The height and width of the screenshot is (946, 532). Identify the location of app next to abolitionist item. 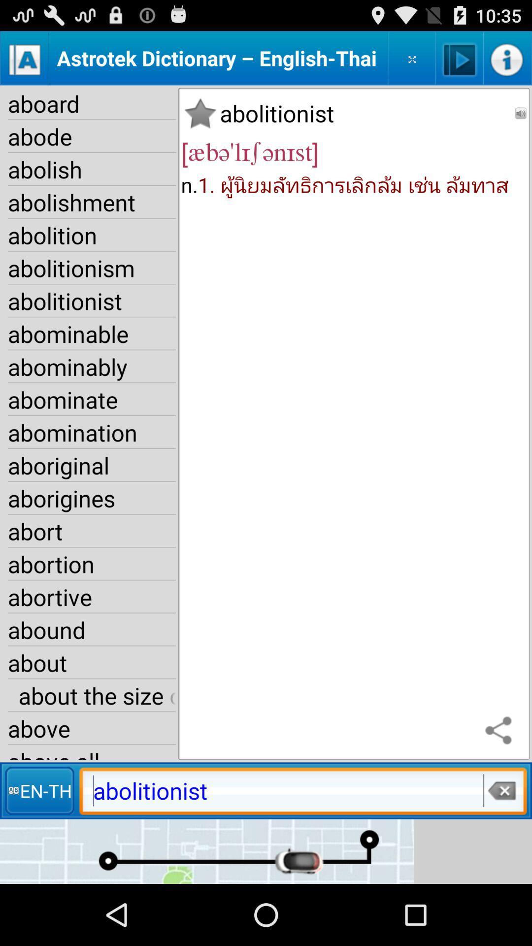
(520, 113).